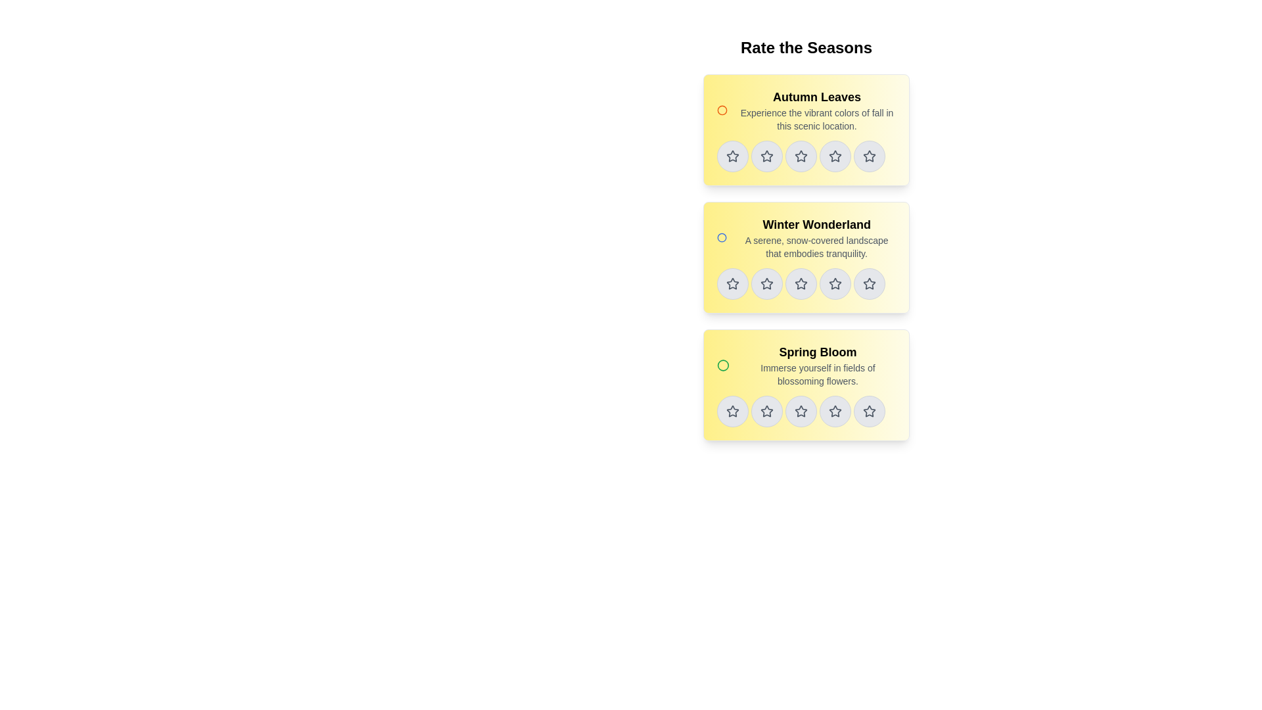 Image resolution: width=1262 pixels, height=710 pixels. I want to click on the third star-shaped rating icon, so click(835, 155).